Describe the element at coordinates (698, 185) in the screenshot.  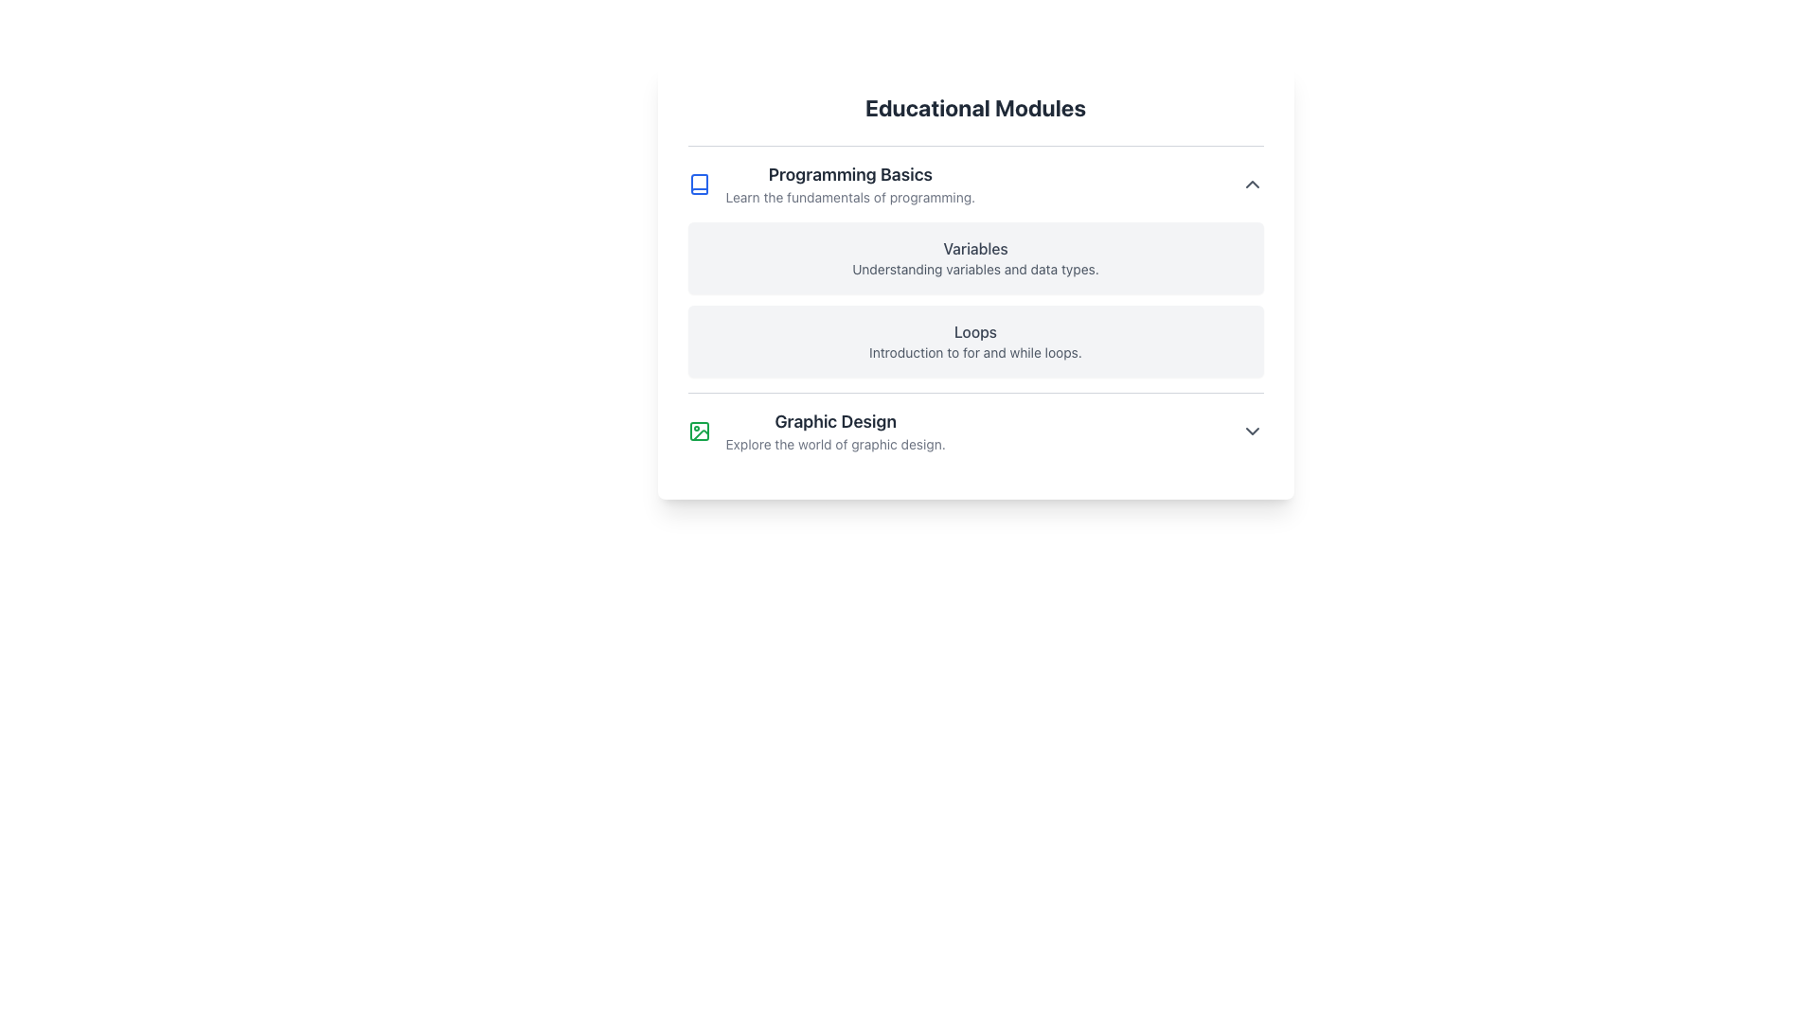
I see `the 'Programming Basics' module icon, which is located at the far left of its section and aligned with the header text` at that location.